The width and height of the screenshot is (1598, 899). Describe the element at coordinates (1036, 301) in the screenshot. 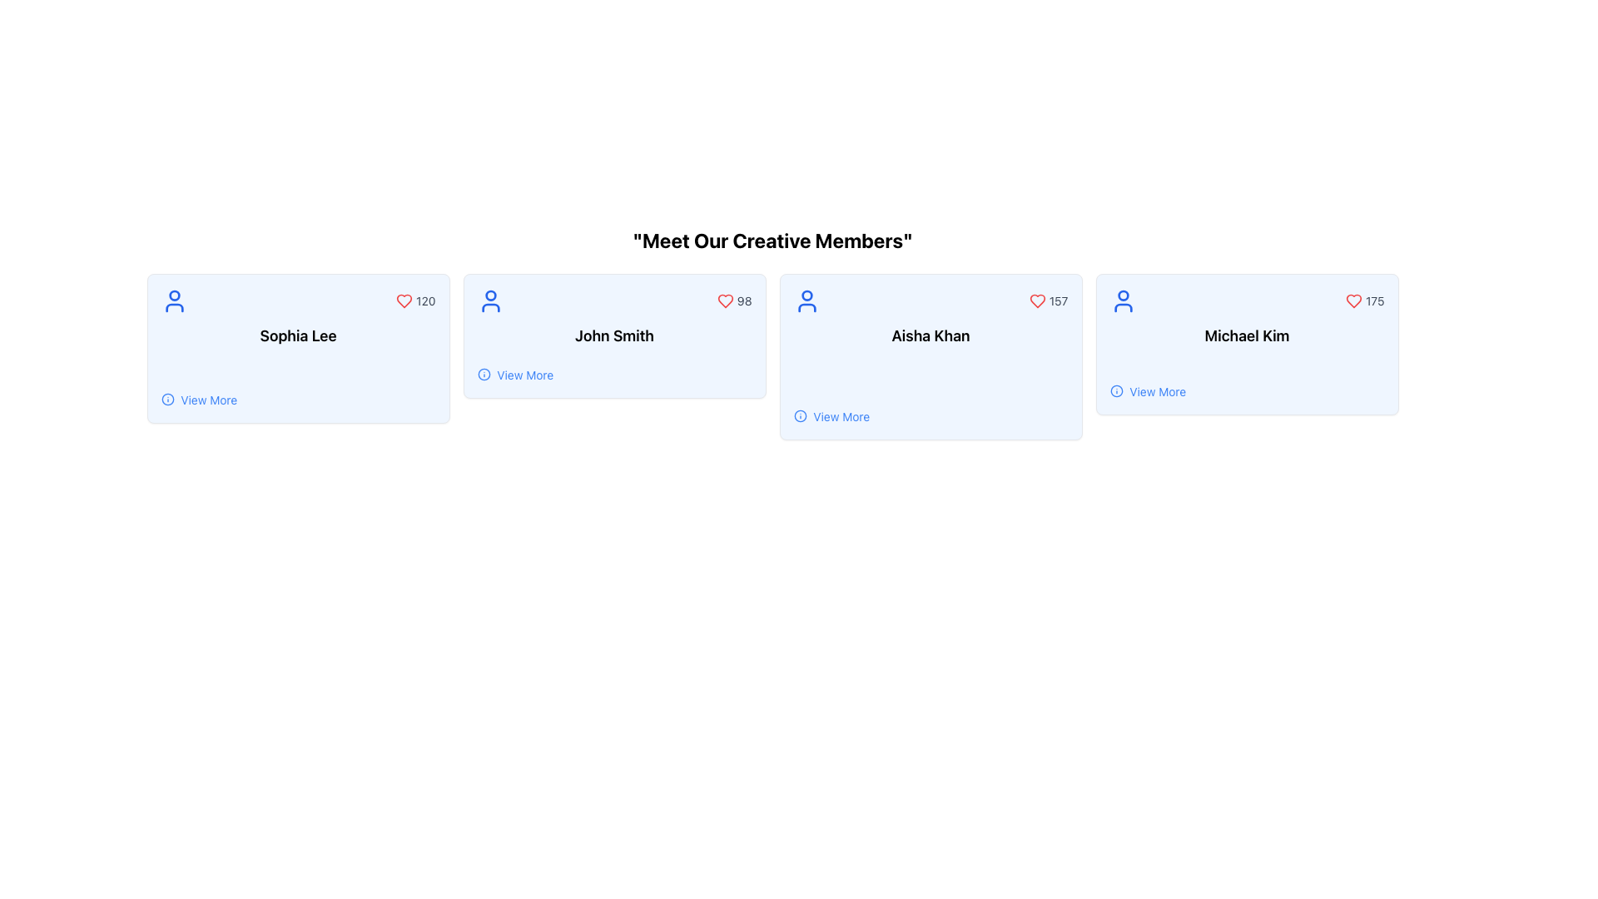

I see `the like icon located at the top-right corner of the card labeled 'Aisha Khan', adjacent to the number '157'` at that location.